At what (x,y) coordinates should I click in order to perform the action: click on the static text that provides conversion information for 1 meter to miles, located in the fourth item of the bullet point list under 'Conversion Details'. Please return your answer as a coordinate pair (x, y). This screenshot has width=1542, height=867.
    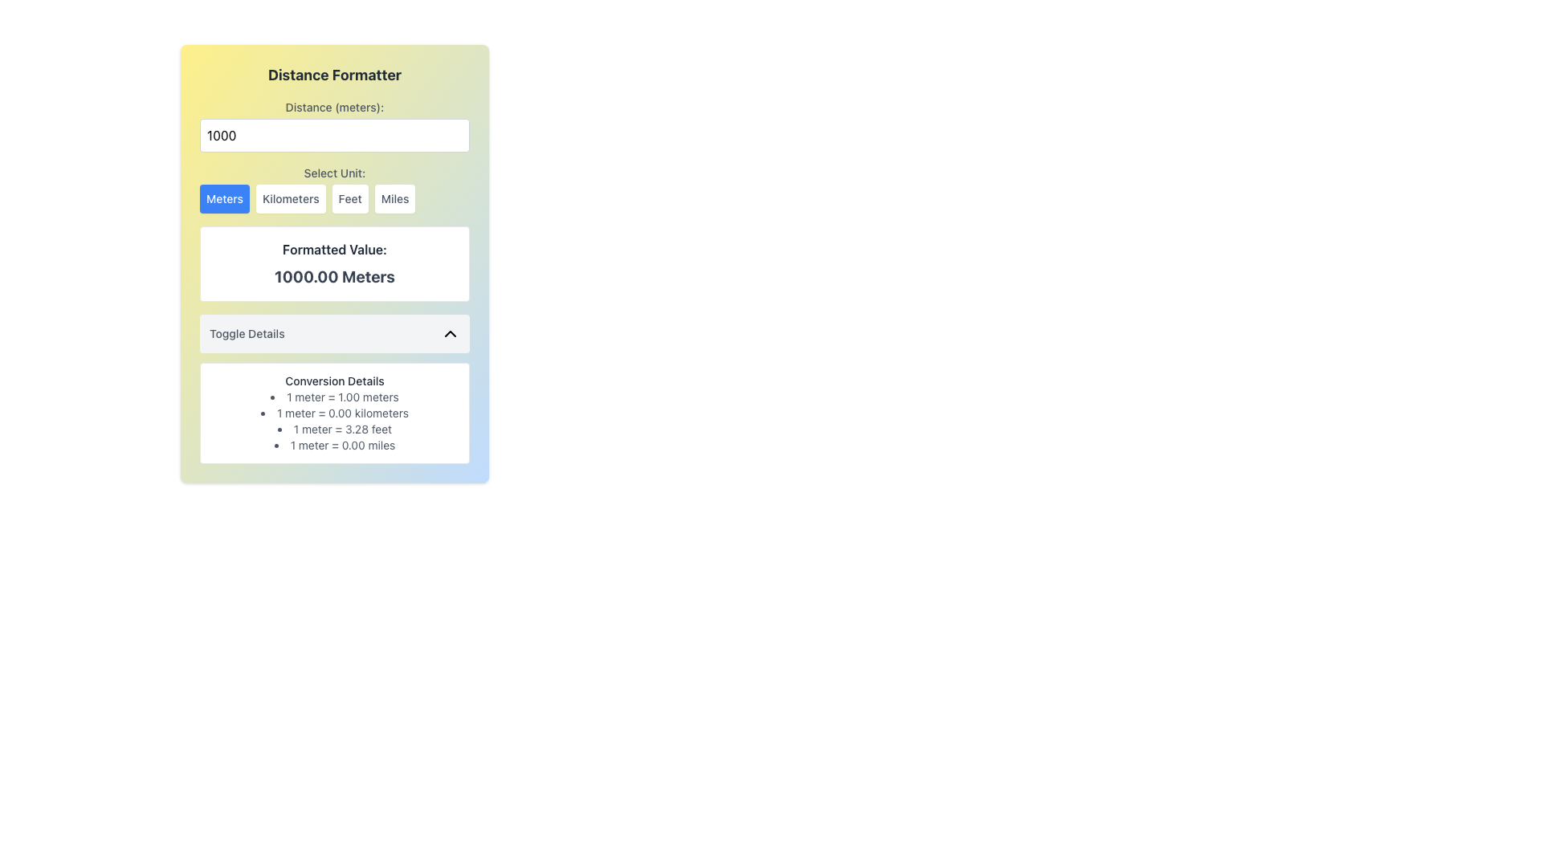
    Looking at the image, I should click on (334, 446).